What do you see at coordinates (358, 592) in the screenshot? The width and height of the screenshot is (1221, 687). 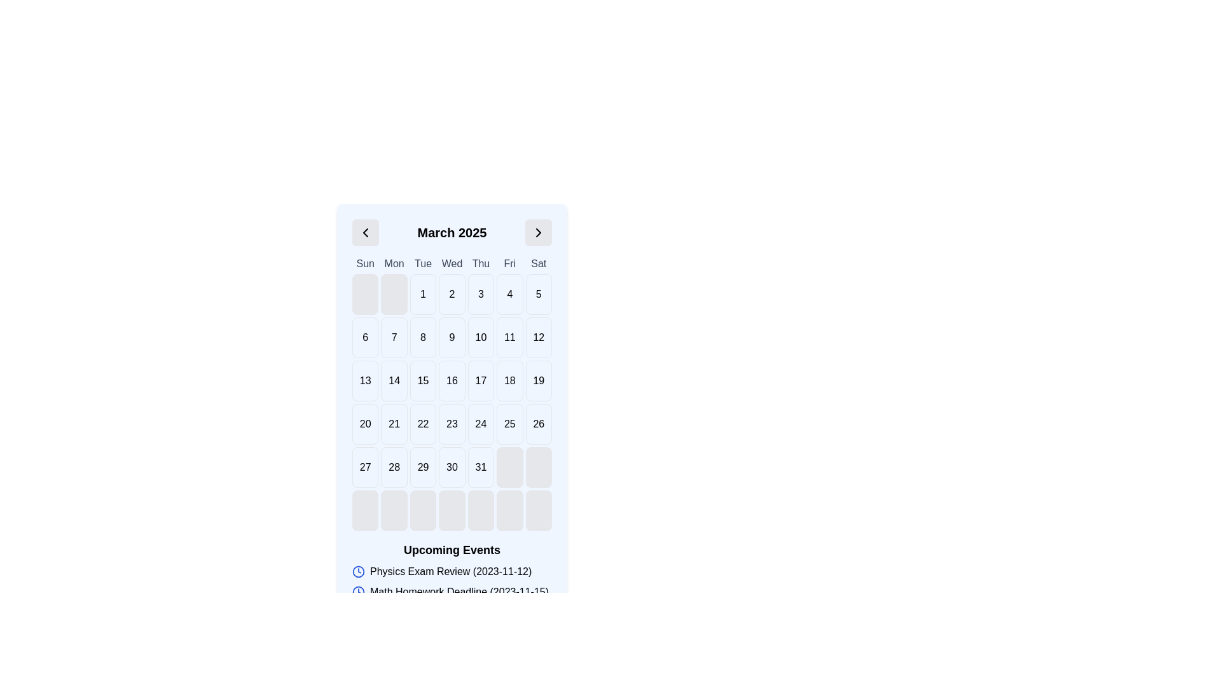 I see `the decorative circle within the SVG clock icon in the 'Upcoming Events' section of the calendar interface` at bounding box center [358, 592].